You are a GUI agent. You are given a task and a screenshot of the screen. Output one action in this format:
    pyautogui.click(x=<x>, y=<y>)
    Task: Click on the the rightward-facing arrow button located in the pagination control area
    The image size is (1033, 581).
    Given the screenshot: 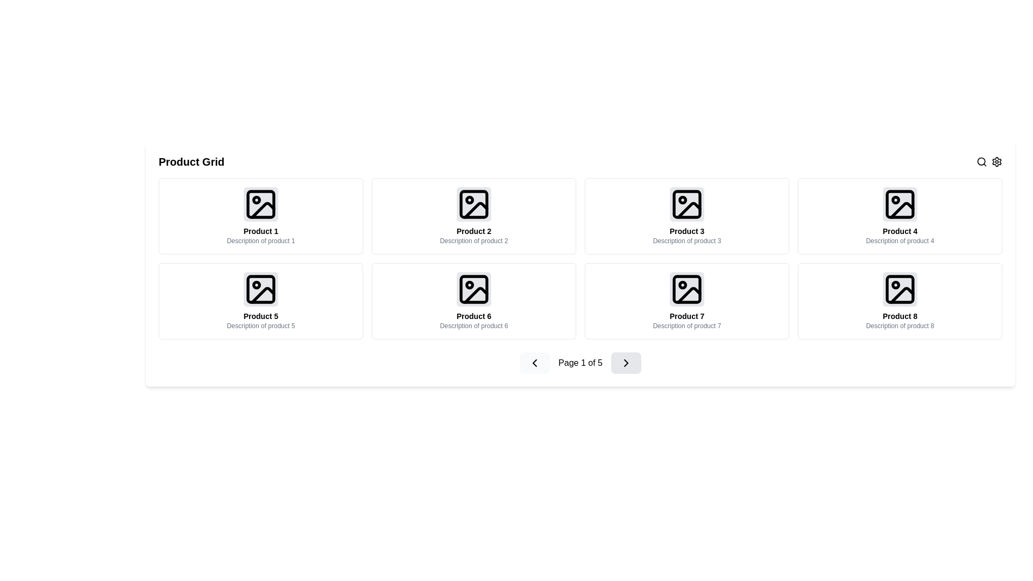 What is the action you would take?
    pyautogui.click(x=626, y=363)
    